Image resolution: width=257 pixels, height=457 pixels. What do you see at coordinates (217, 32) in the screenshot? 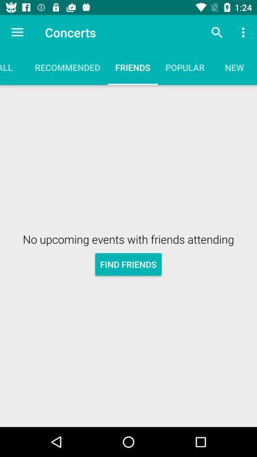
I see `icon next to concerts item` at bounding box center [217, 32].